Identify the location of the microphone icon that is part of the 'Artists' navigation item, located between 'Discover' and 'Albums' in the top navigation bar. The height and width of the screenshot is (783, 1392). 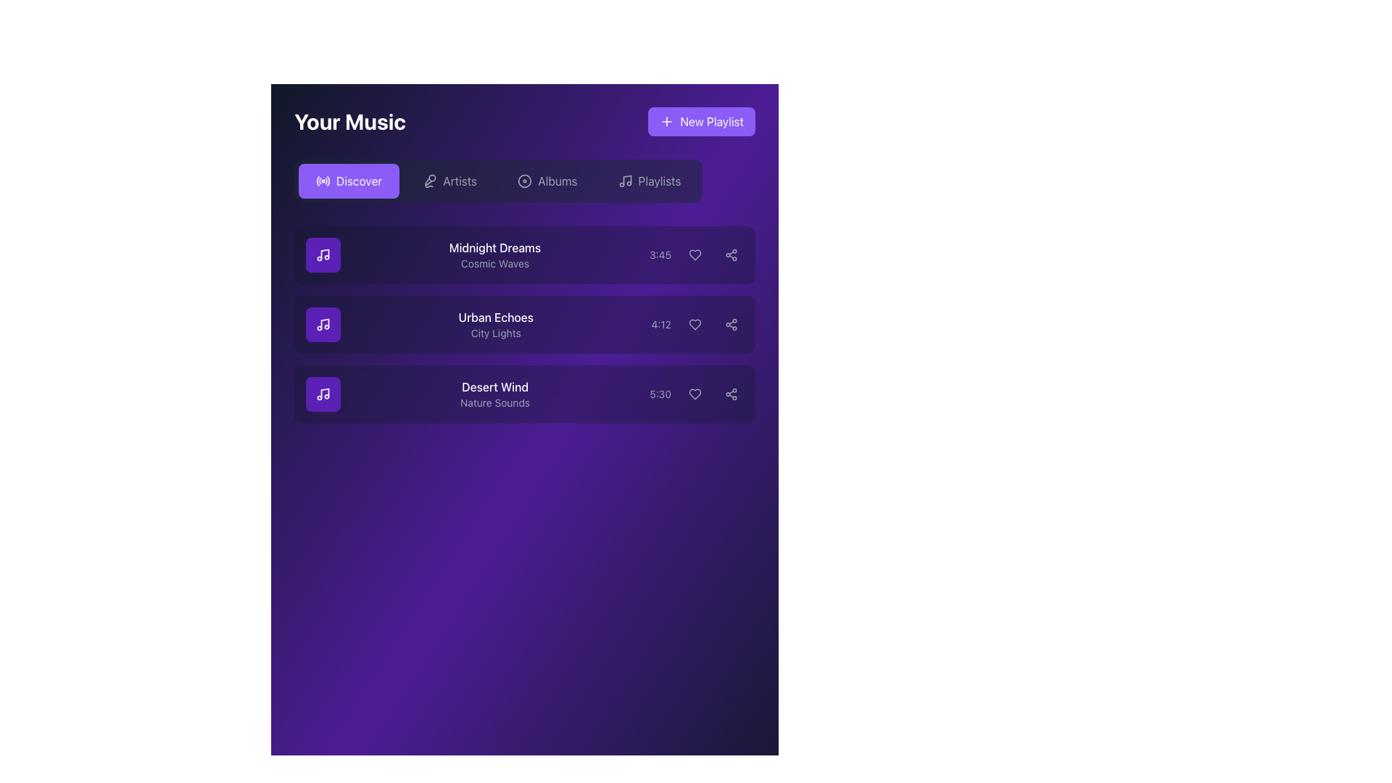
(429, 181).